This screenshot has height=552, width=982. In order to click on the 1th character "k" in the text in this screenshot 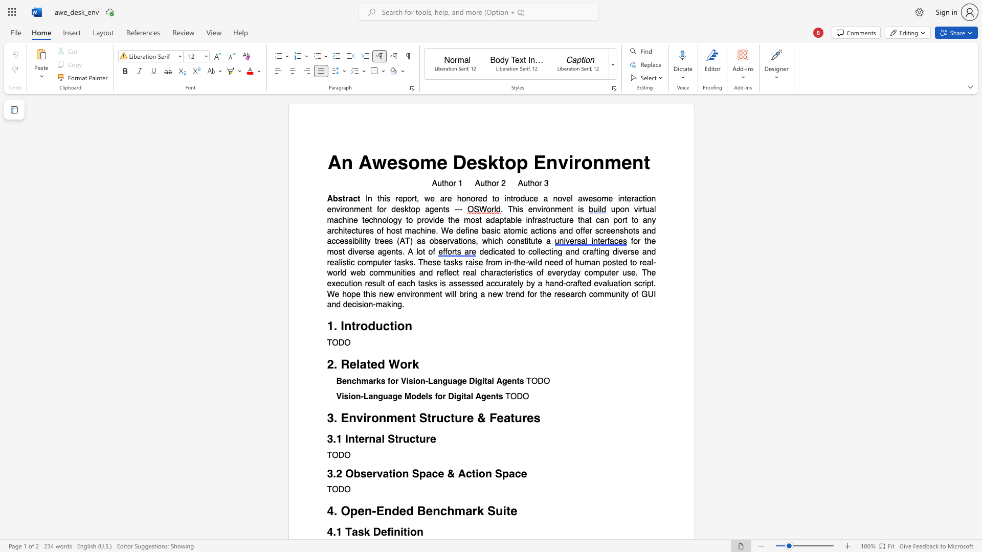, I will do `click(415, 364)`.